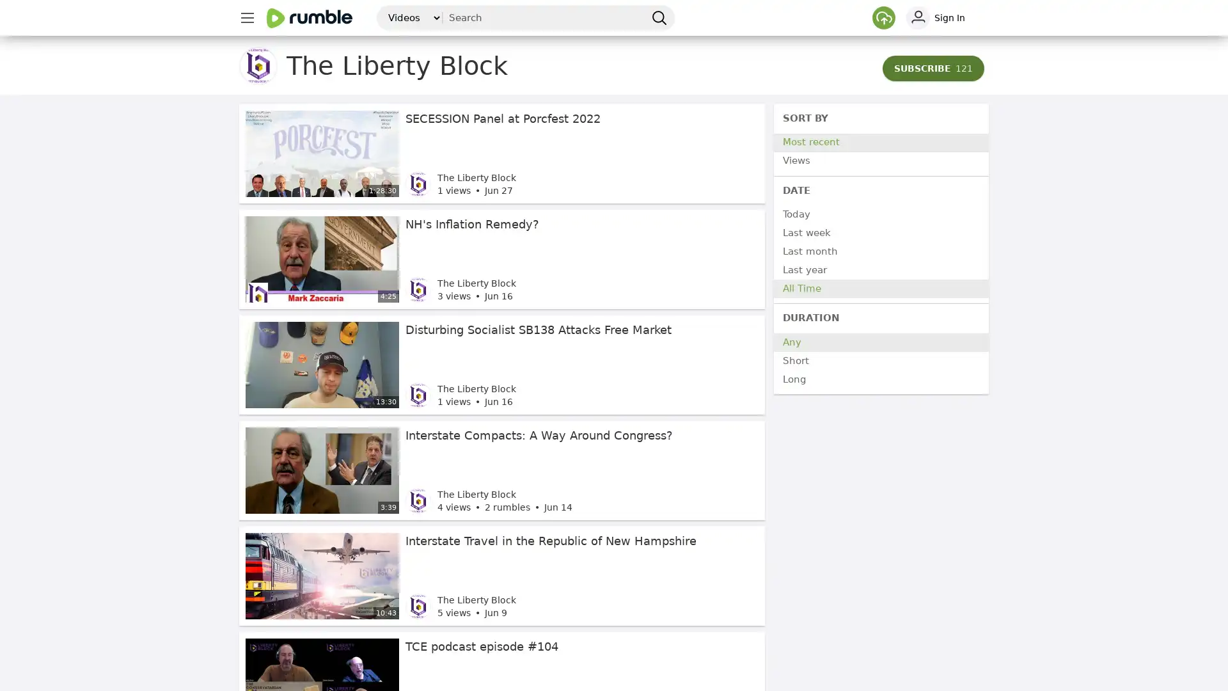  I want to click on main menu, so click(246, 17).